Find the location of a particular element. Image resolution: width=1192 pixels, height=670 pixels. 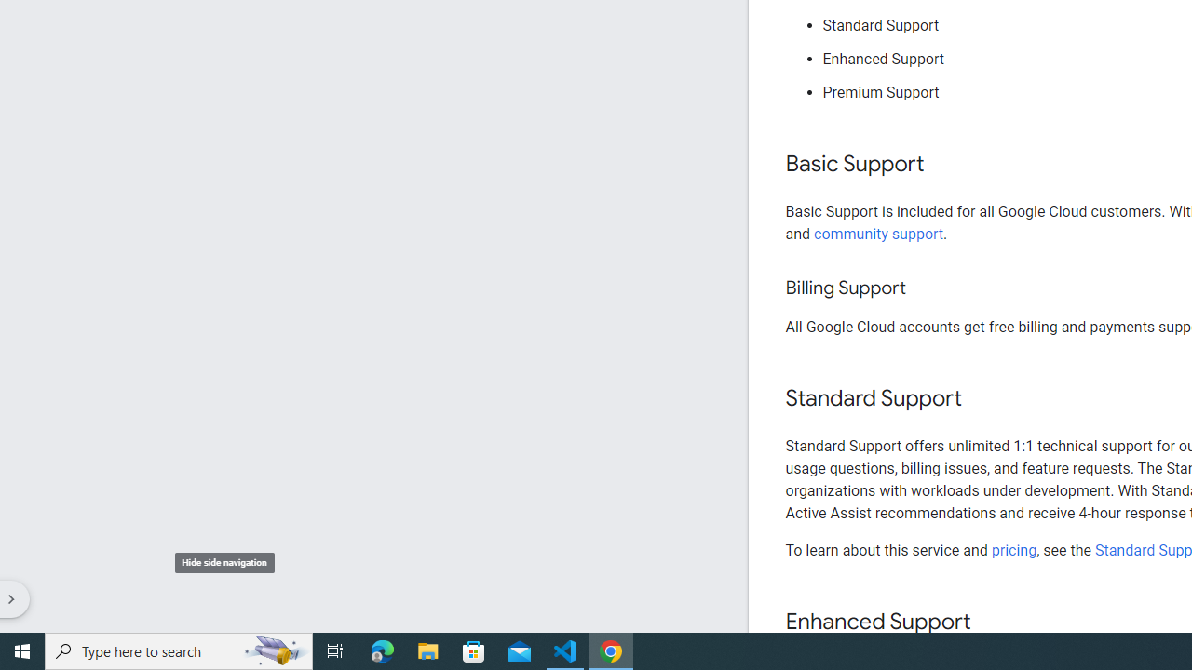

'pricing' is located at coordinates (1012, 549).